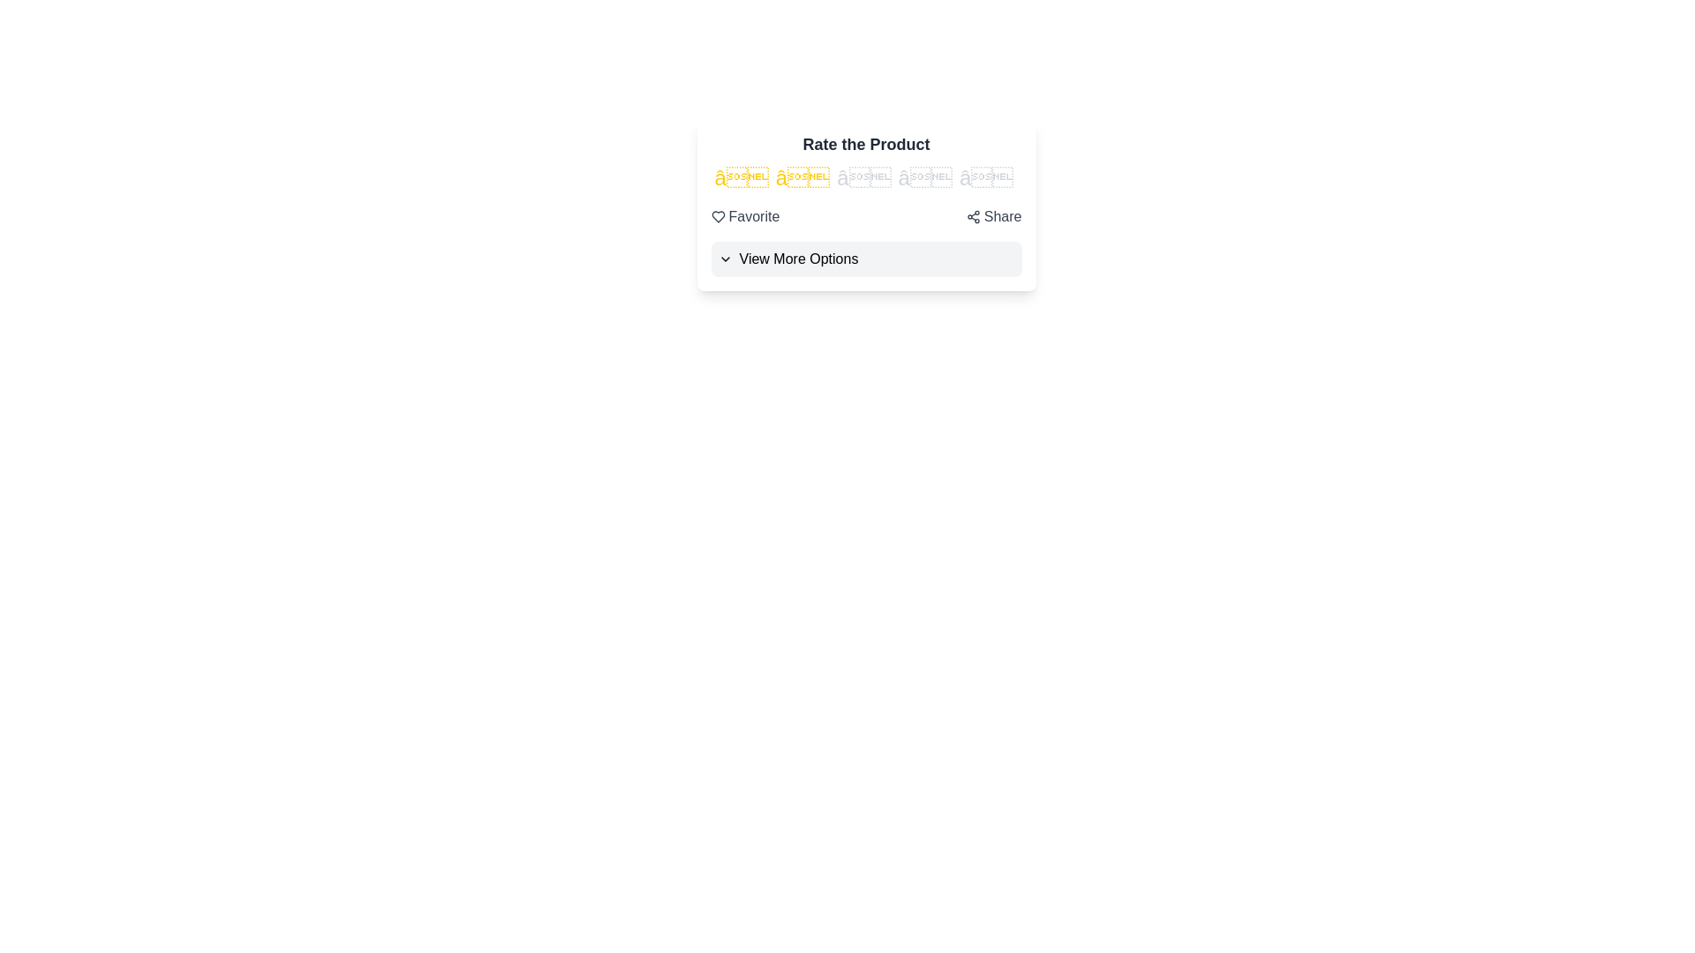  Describe the element at coordinates (742, 177) in the screenshot. I see `the rating to 1 stars by clicking on the corresponding star` at that location.